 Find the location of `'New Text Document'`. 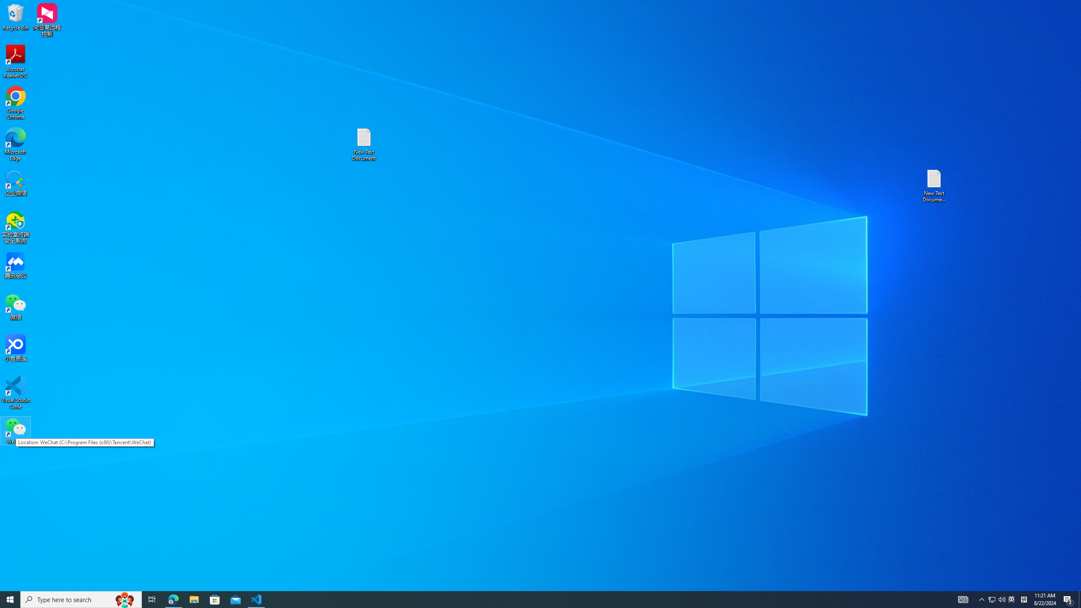

'New Text Document' is located at coordinates (363, 144).